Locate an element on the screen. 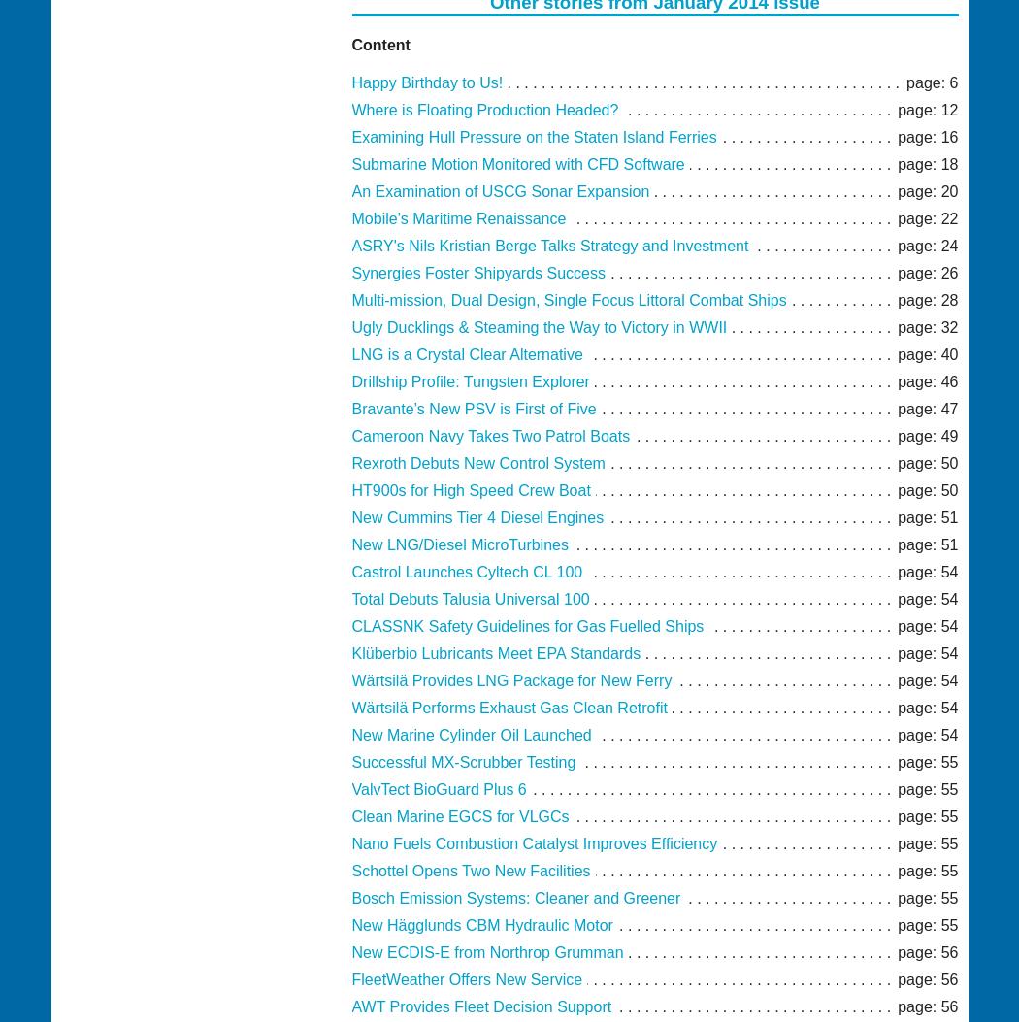 This screenshot has height=1022, width=1019. 'page: 40' is located at coordinates (927, 353).